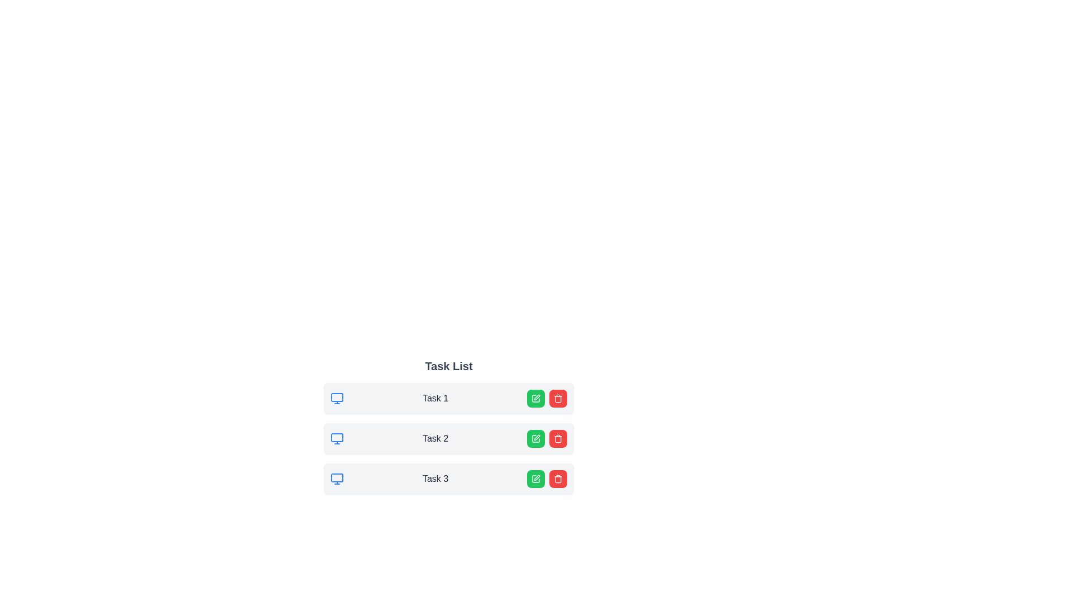 This screenshot has width=1072, height=603. What do you see at coordinates (337, 477) in the screenshot?
I see `the top part of the monitor icon representing Task 3 in the task list, which is the third monitor icon in the list` at bounding box center [337, 477].